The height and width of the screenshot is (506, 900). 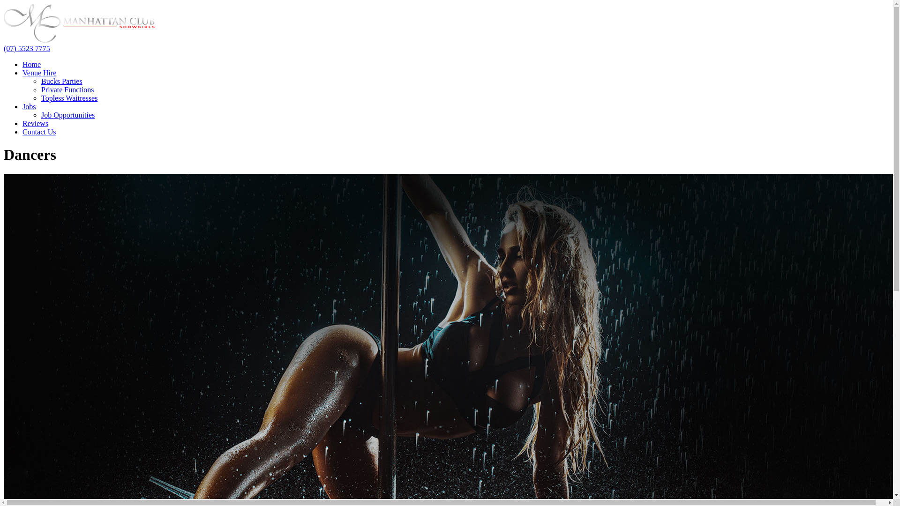 What do you see at coordinates (69, 98) in the screenshot?
I see `'Topless Waitresses'` at bounding box center [69, 98].